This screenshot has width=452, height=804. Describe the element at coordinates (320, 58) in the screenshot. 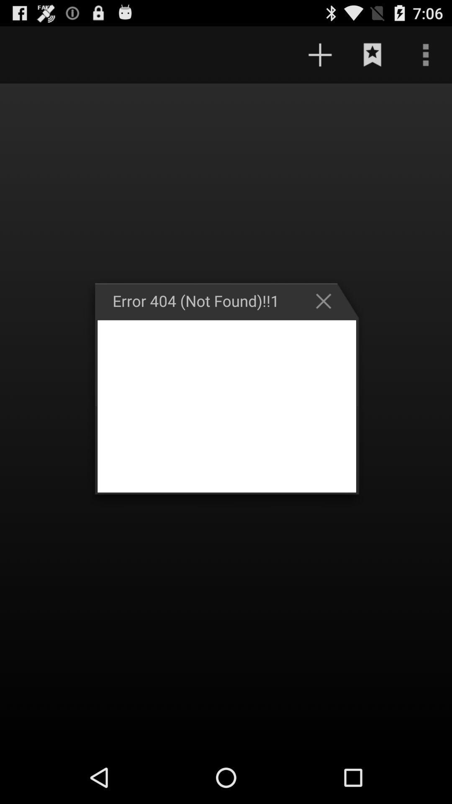

I see `the add icon` at that location.